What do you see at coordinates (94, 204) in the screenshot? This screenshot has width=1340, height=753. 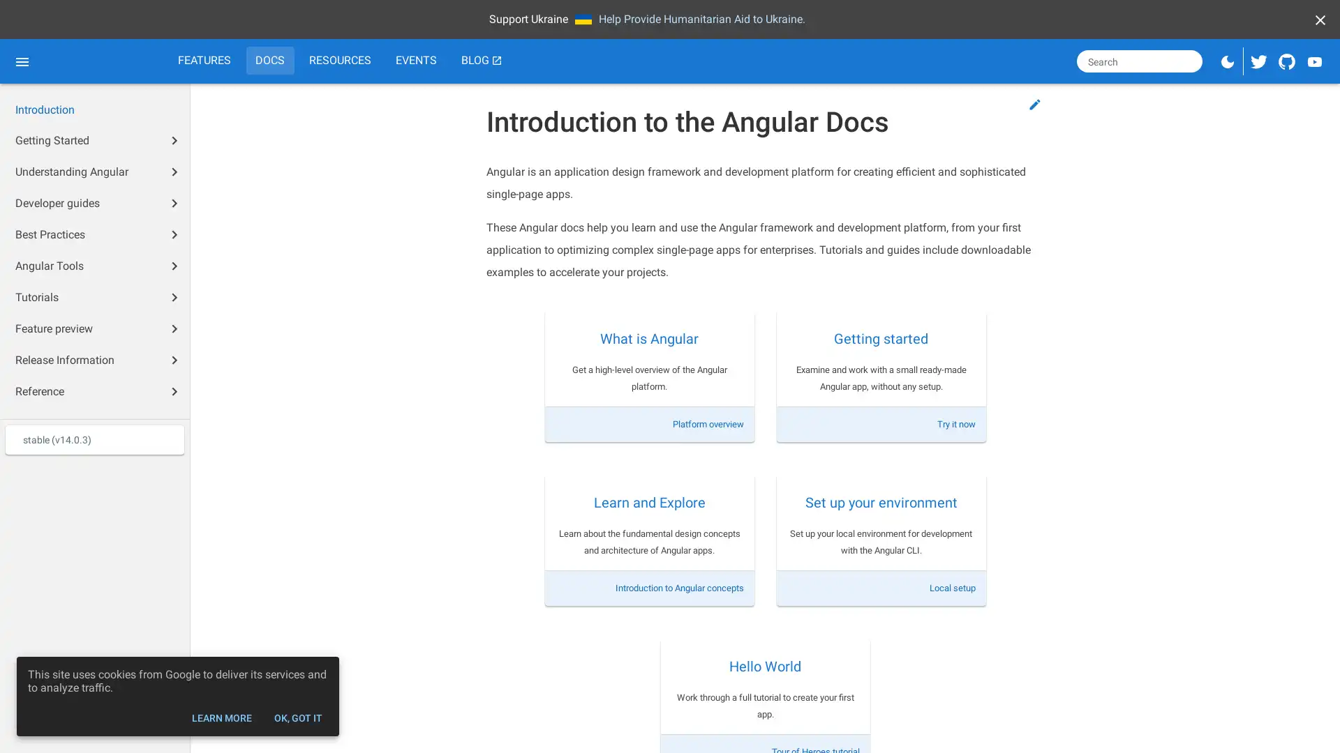 I see `Developer guides` at bounding box center [94, 204].